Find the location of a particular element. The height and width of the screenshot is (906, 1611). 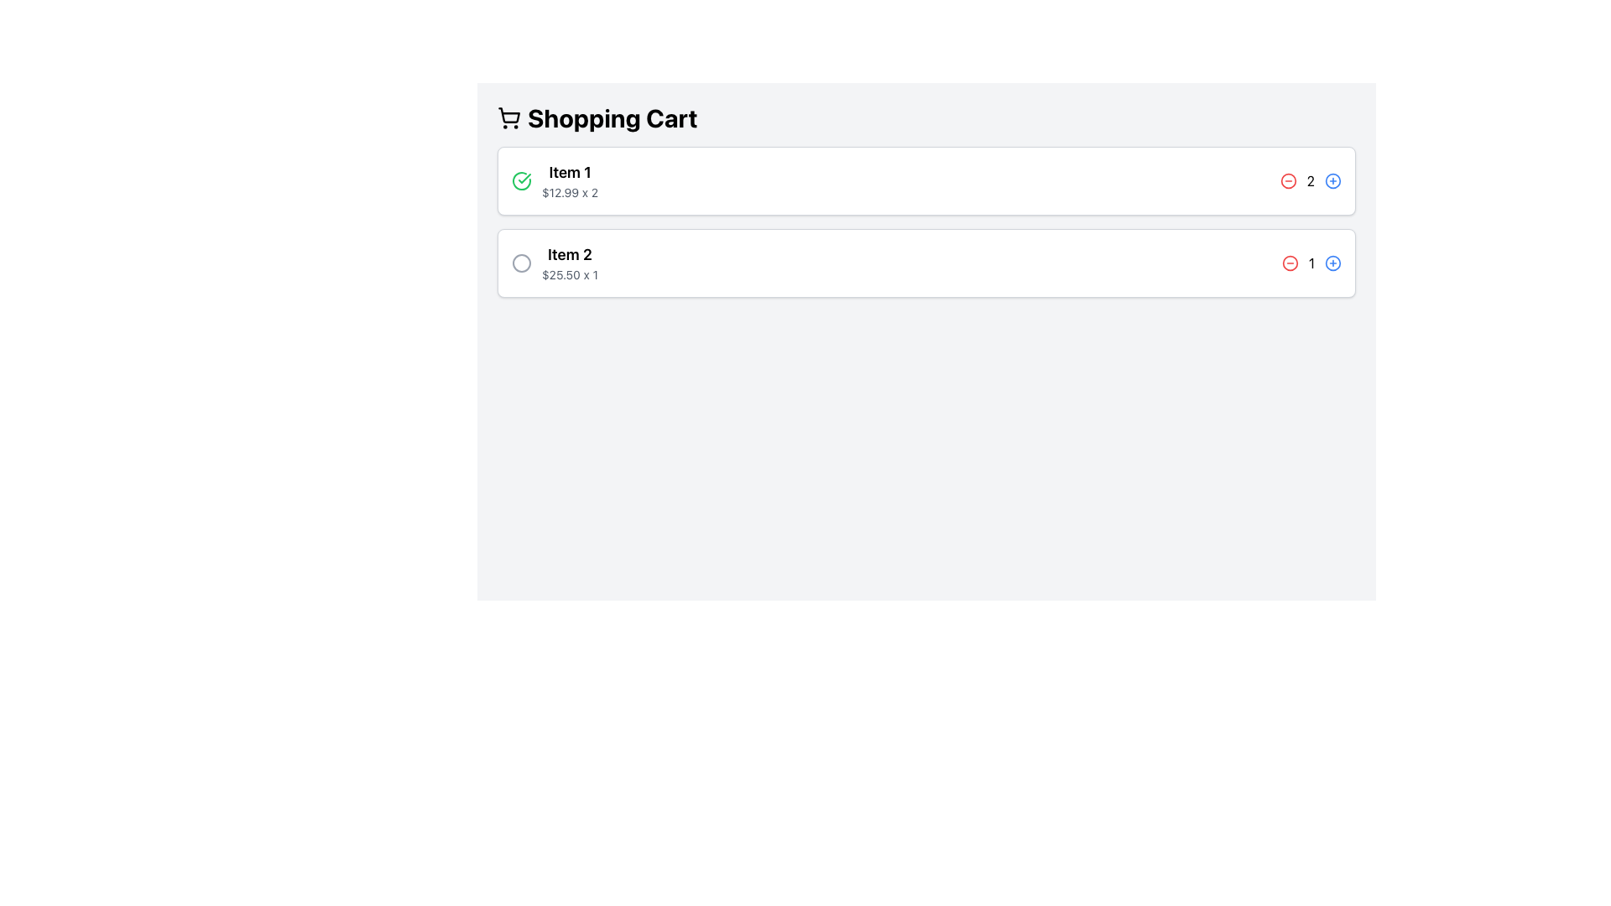

the displayed value of the numerical label showing '1' for 'Item 2', located between the red minus and blue plus buttons in the quantity control area of the shopping cart interface is located at coordinates (1311, 263).